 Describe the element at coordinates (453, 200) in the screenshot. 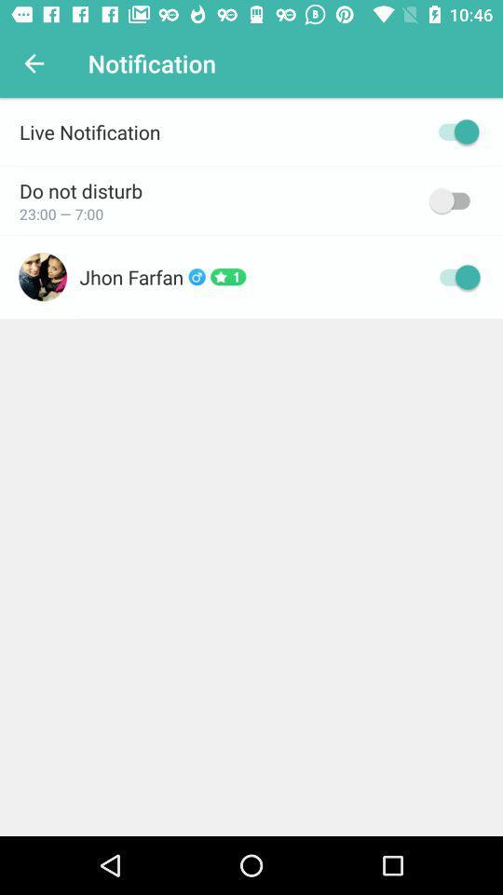

I see `do not disturb` at that location.